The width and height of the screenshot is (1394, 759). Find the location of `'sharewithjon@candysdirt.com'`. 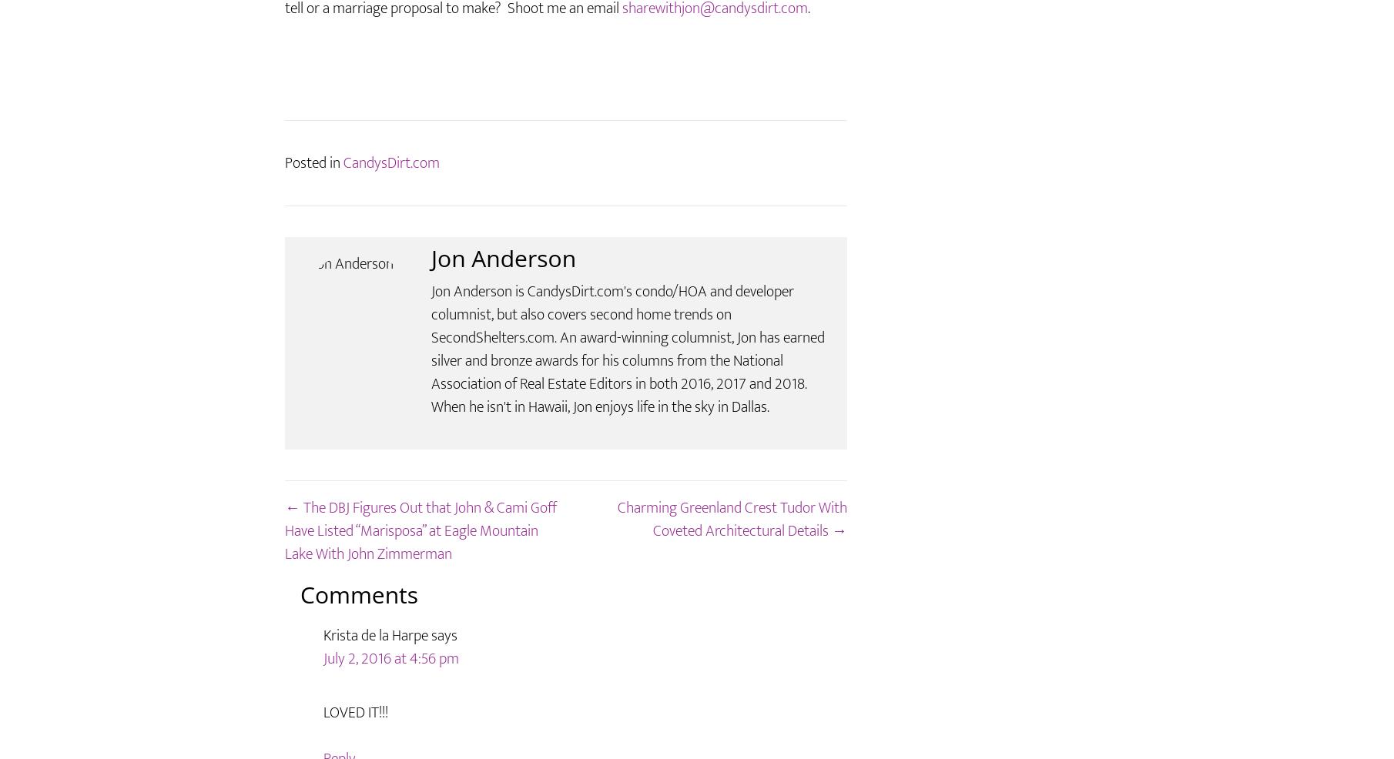

'sharewithjon@candysdirt.com' is located at coordinates (715, 52).